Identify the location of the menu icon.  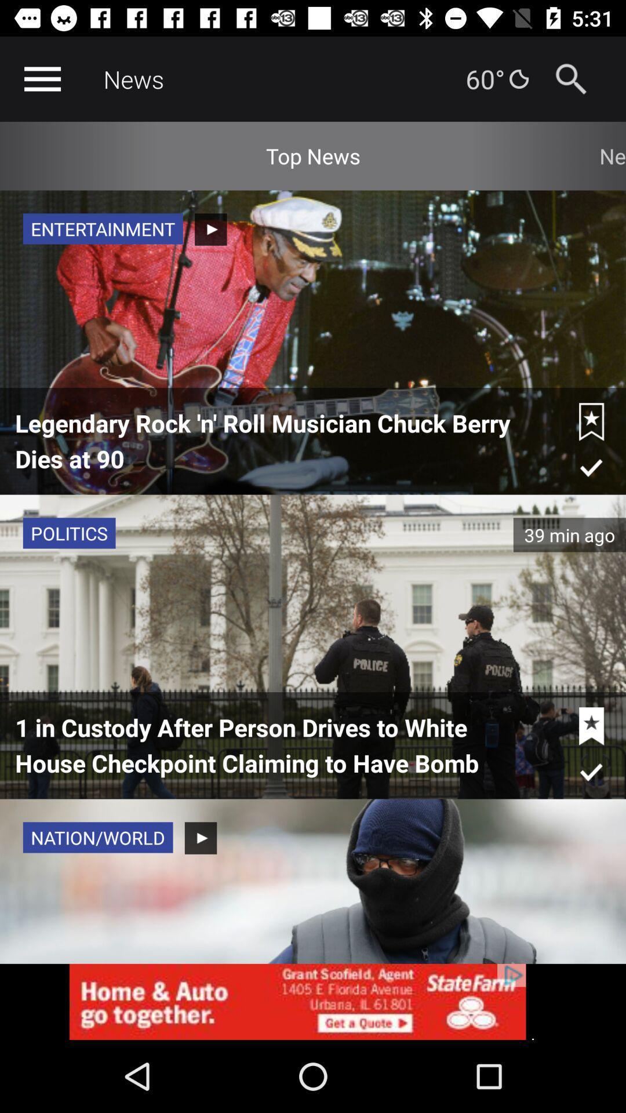
(42, 78).